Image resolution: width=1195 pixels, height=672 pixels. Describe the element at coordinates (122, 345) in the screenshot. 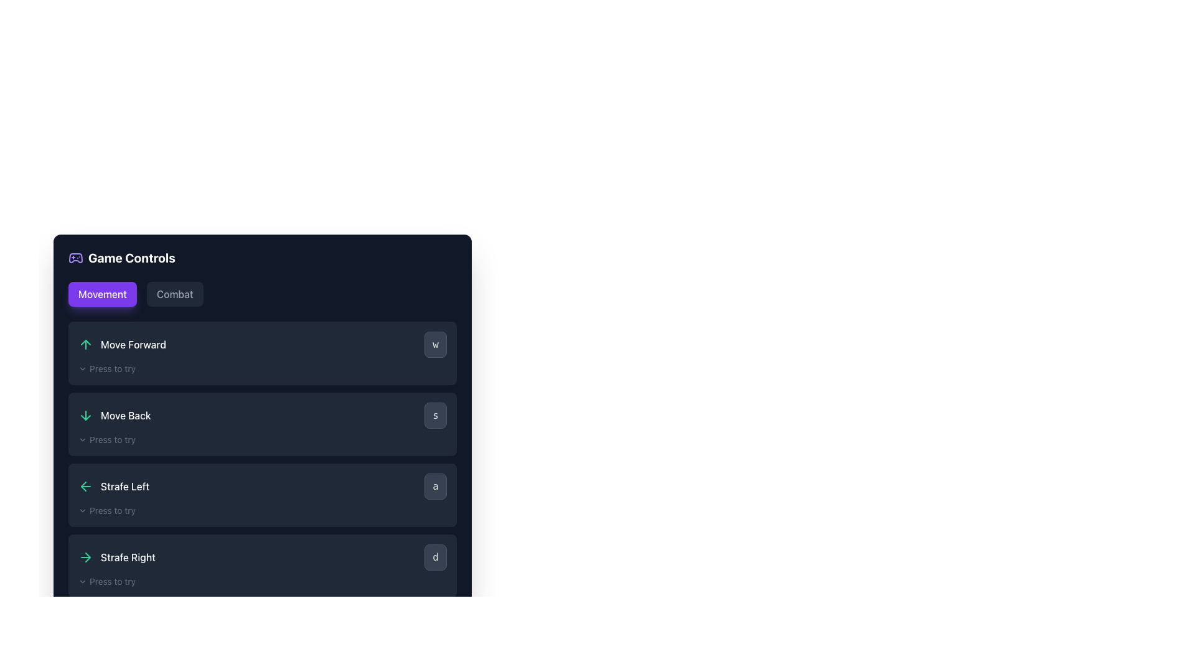

I see `the Label with an icon for moving forward in the Game Controls panel, which is the first element under the 'Movement' category` at that location.